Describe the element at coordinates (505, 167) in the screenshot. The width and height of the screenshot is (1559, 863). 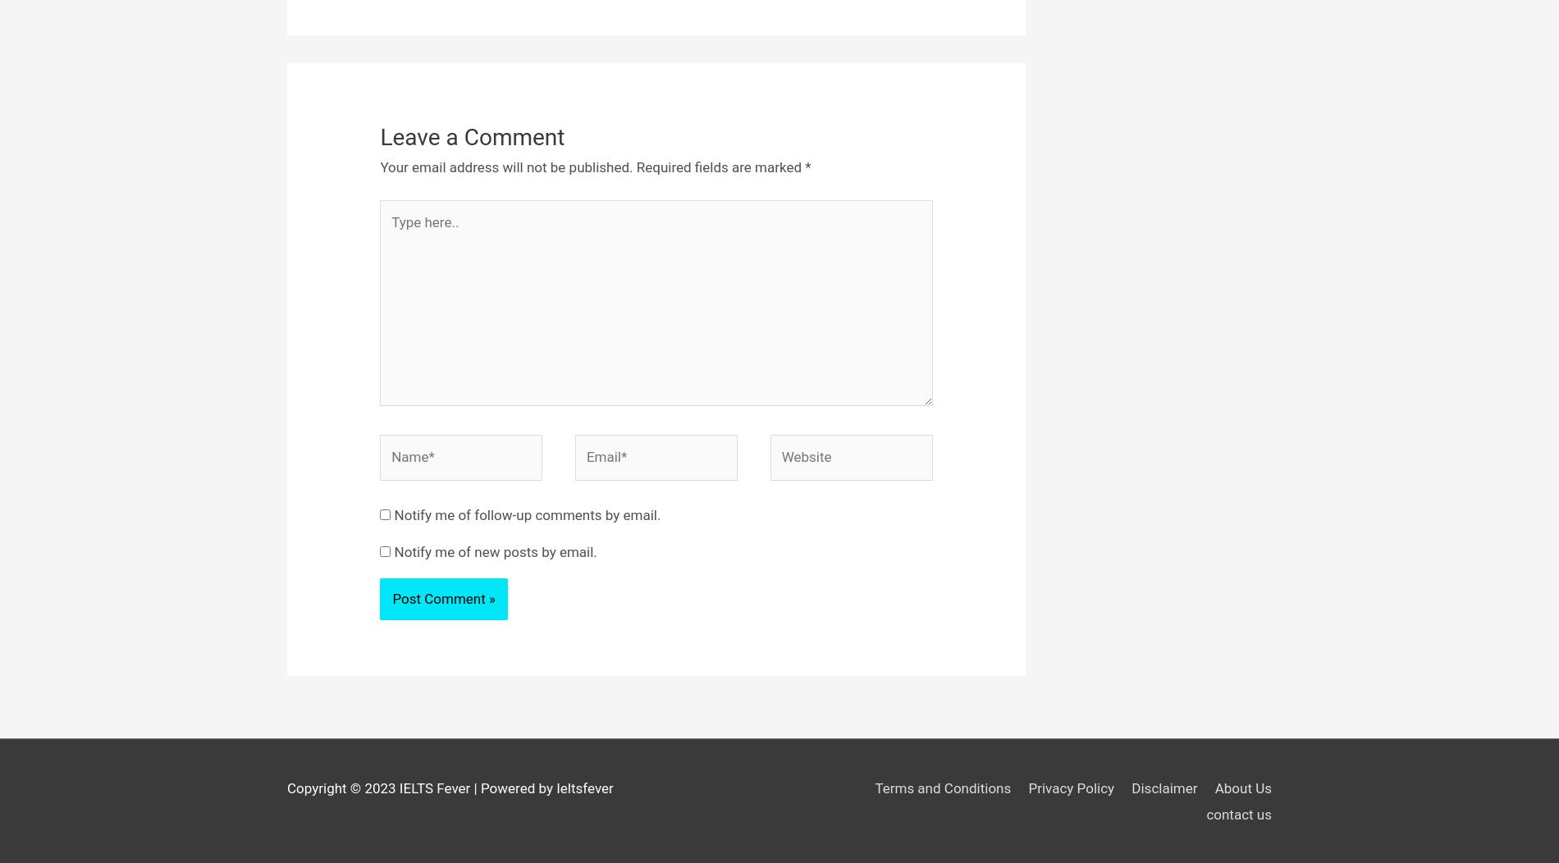
I see `'Your email address will not be published.'` at that location.